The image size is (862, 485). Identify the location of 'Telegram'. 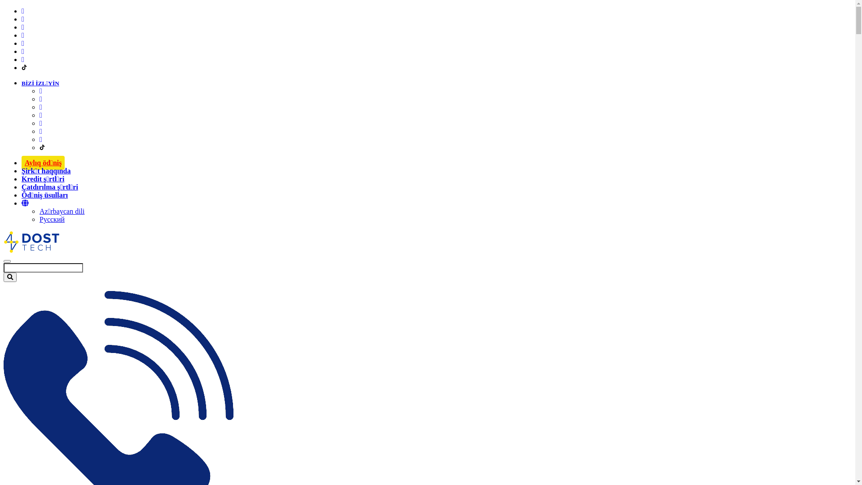
(40, 131).